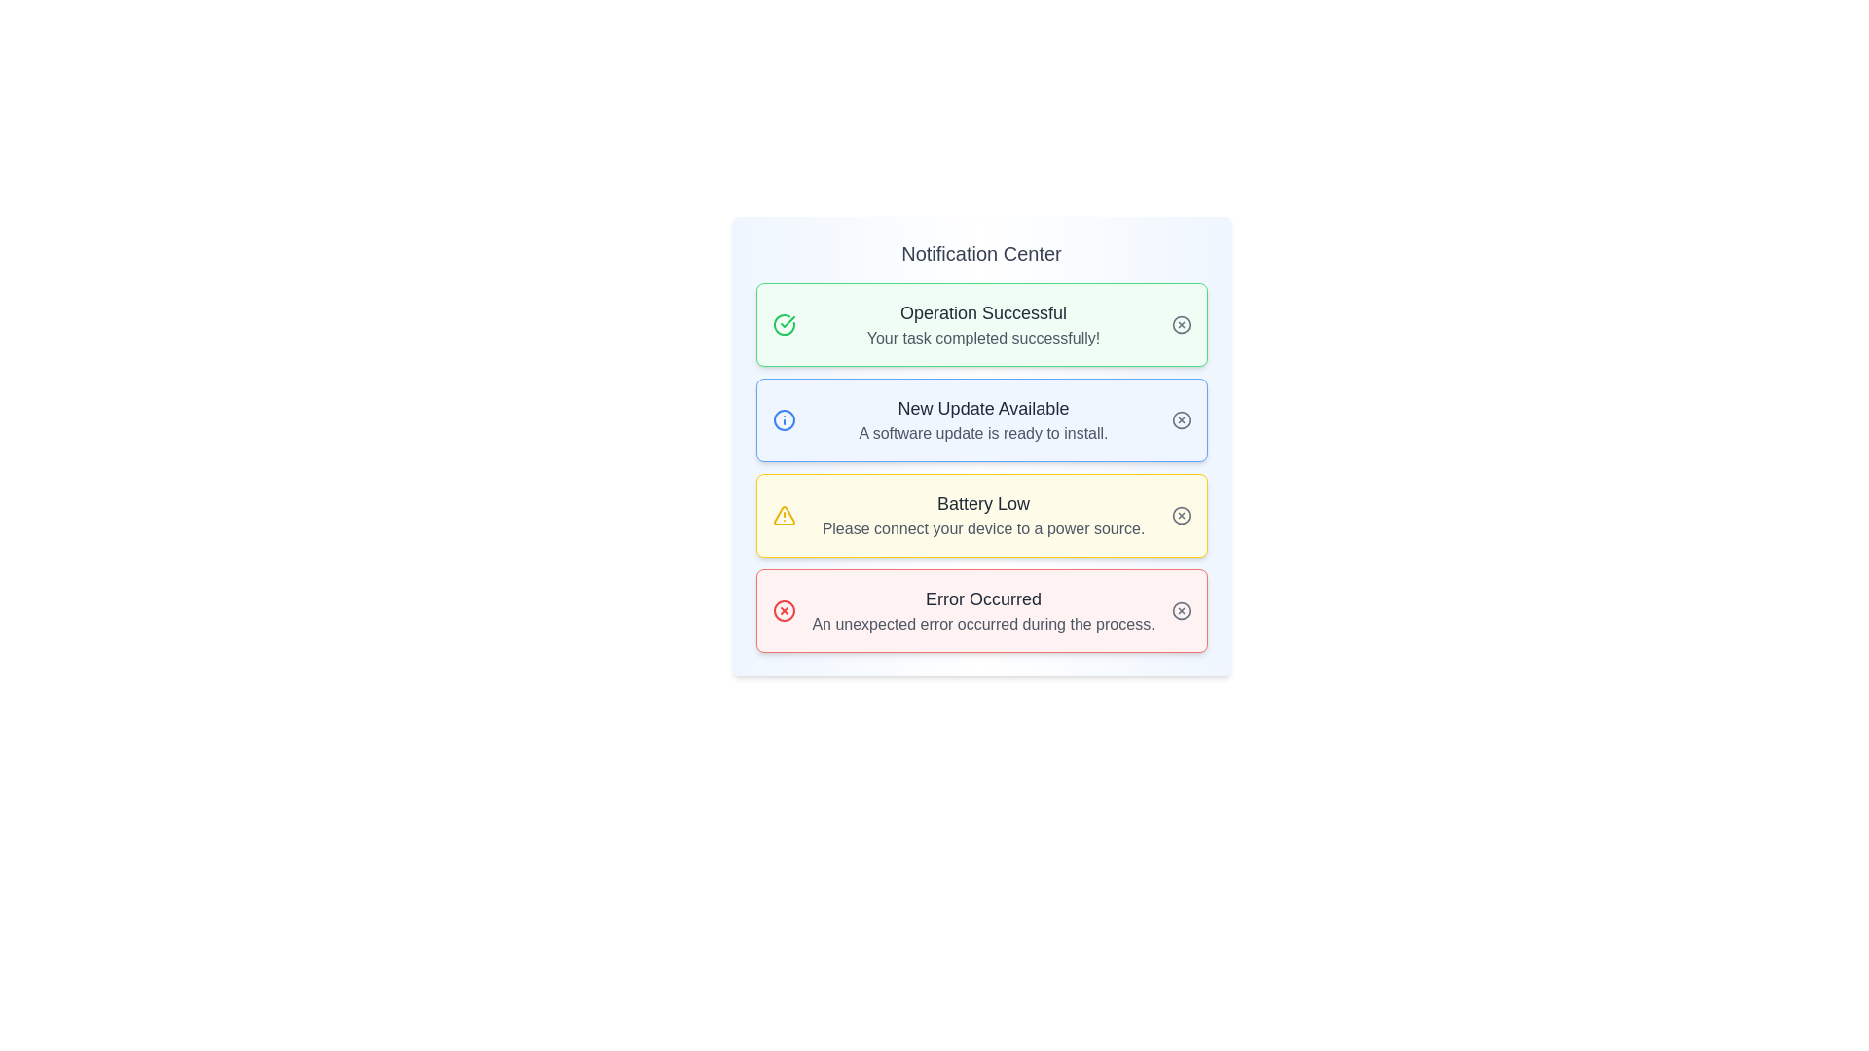 The height and width of the screenshot is (1051, 1869). I want to click on the 'Error Occurred' text label, which is formatted in a medium-sized, bold font with a dark gray color on a red-tinted background, located in the bottom section of a notification card, so click(983, 598).